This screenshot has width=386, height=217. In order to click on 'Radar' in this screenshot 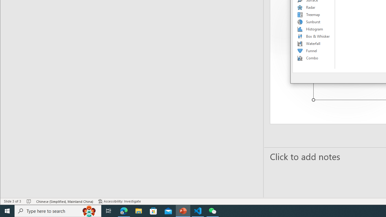, I will do `click(314, 7)`.